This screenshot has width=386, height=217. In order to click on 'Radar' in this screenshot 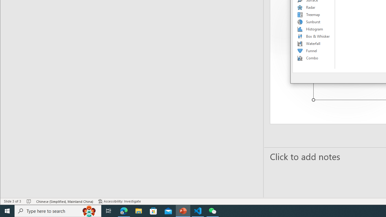, I will do `click(314, 7)`.